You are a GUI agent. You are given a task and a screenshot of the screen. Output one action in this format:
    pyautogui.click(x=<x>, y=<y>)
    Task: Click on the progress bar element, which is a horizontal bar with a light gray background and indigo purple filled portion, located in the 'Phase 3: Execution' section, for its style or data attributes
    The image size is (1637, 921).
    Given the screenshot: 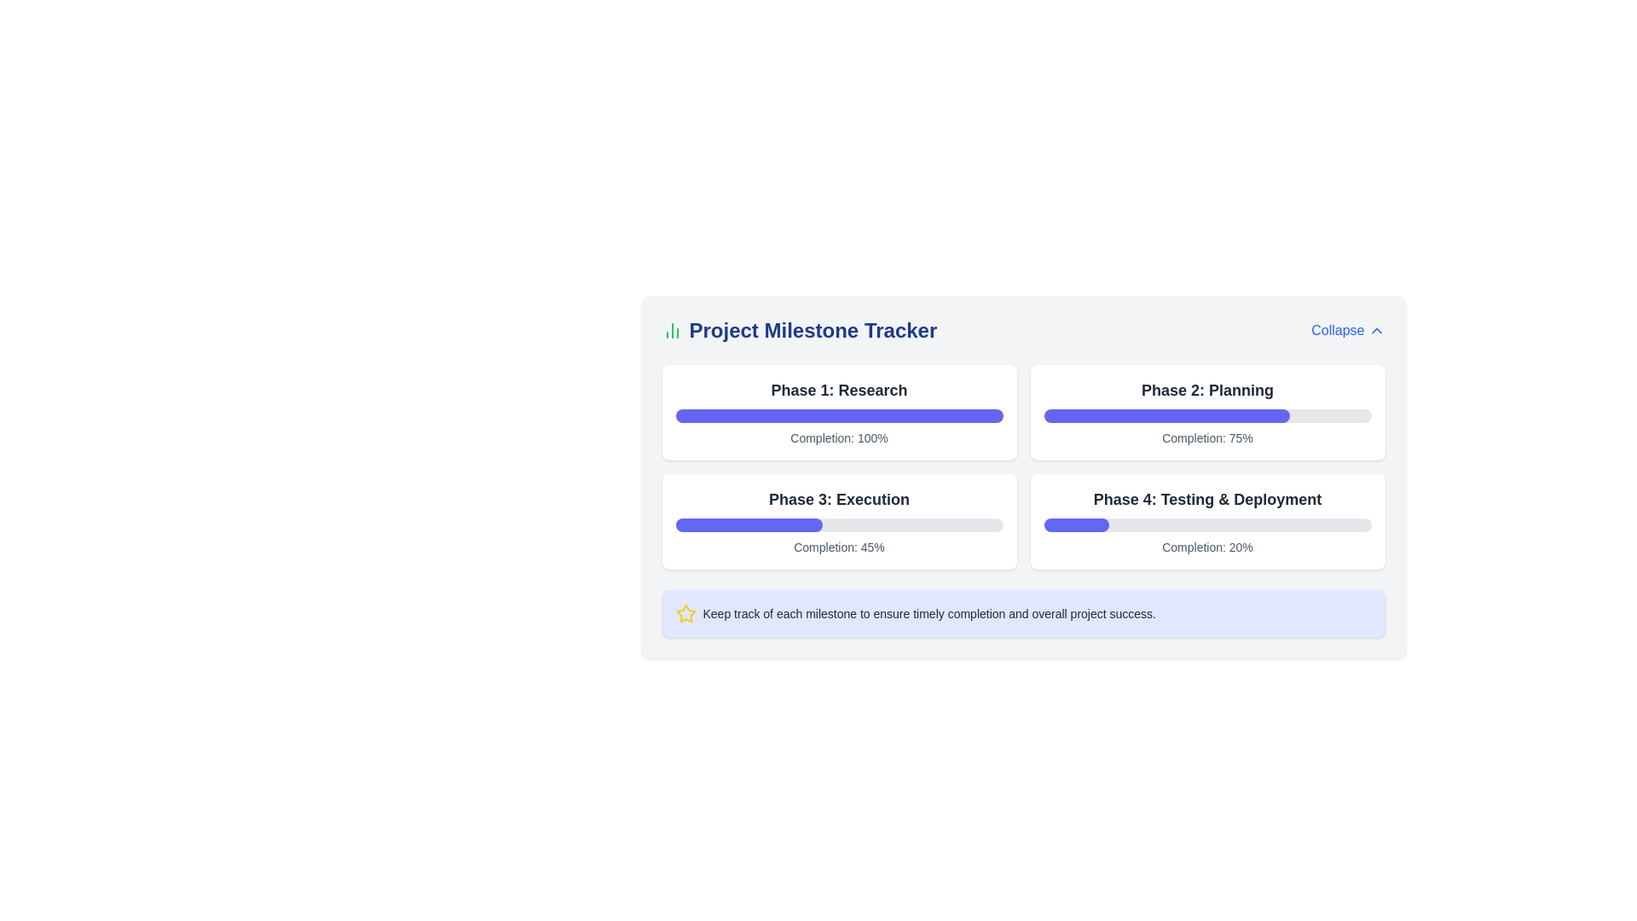 What is the action you would take?
    pyautogui.click(x=839, y=524)
    